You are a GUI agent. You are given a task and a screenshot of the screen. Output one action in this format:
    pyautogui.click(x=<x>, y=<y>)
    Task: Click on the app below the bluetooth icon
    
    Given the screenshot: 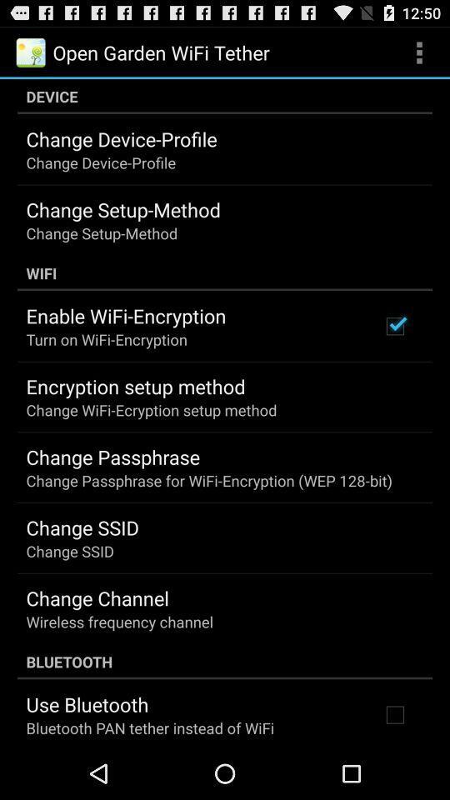 What is the action you would take?
    pyautogui.click(x=87, y=703)
    